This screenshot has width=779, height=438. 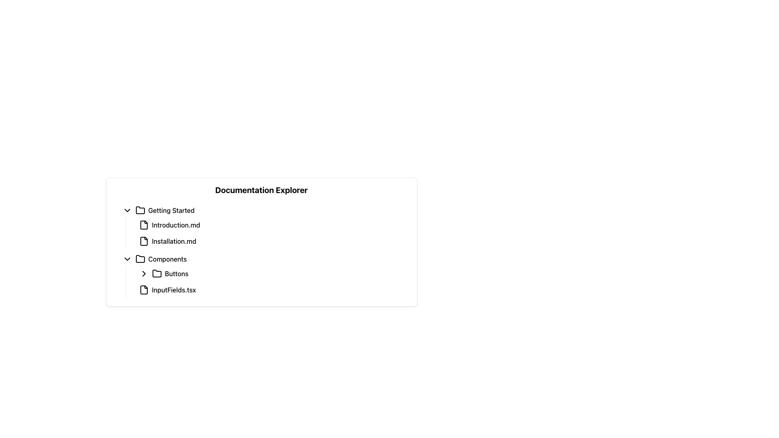 I want to click on the folder icon located in the 'Components' section of the left-hand side explorer panel, so click(x=140, y=259).